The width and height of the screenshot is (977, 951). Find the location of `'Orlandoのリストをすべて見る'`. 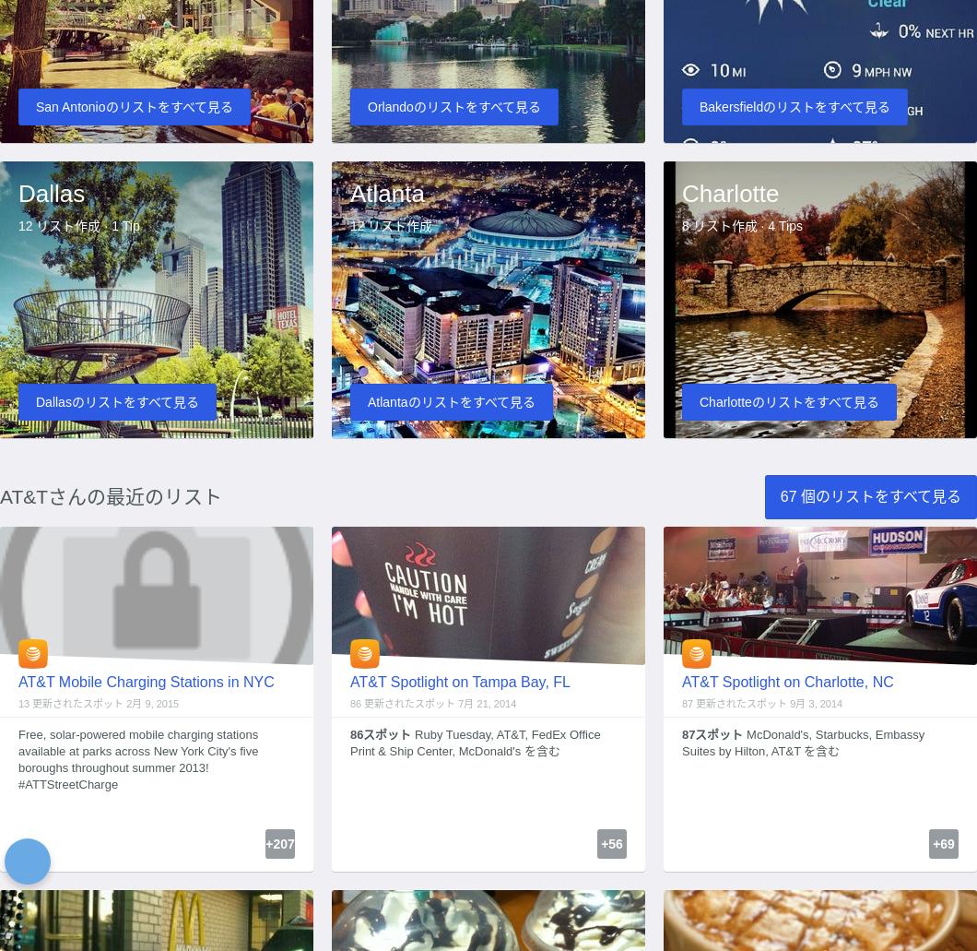

'Orlandoのリストをすべて見る' is located at coordinates (453, 104).